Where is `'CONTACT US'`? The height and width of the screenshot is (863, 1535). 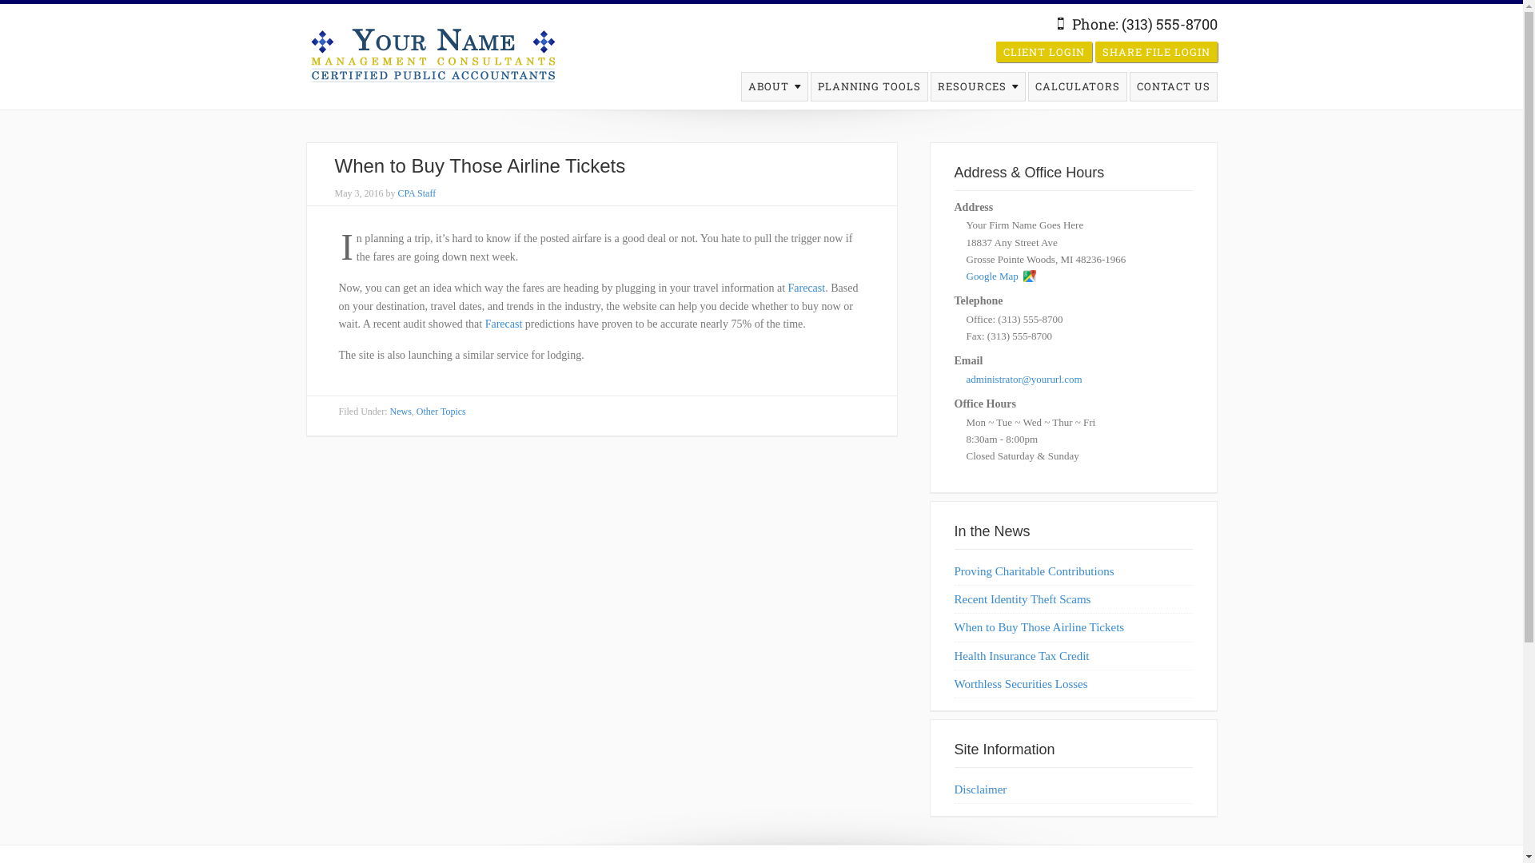 'CONTACT US' is located at coordinates (1174, 86).